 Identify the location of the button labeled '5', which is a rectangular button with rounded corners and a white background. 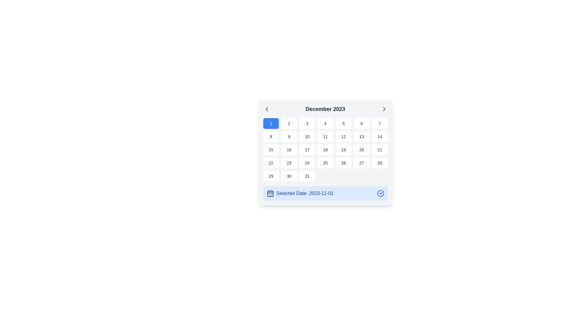
(344, 123).